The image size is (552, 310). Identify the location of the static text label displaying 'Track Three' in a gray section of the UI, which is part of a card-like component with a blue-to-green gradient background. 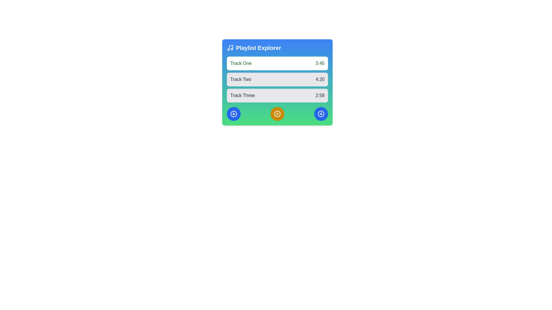
(242, 95).